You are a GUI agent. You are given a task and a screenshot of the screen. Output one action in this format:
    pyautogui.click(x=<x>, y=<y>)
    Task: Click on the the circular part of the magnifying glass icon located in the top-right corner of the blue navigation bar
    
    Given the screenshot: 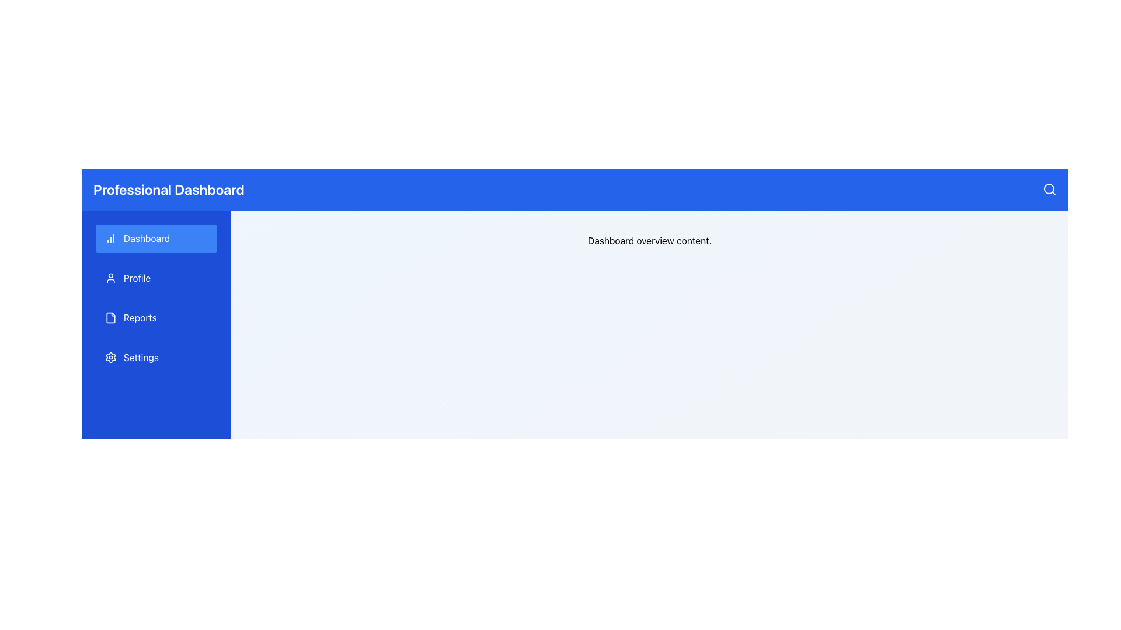 What is the action you would take?
    pyautogui.click(x=1049, y=188)
    